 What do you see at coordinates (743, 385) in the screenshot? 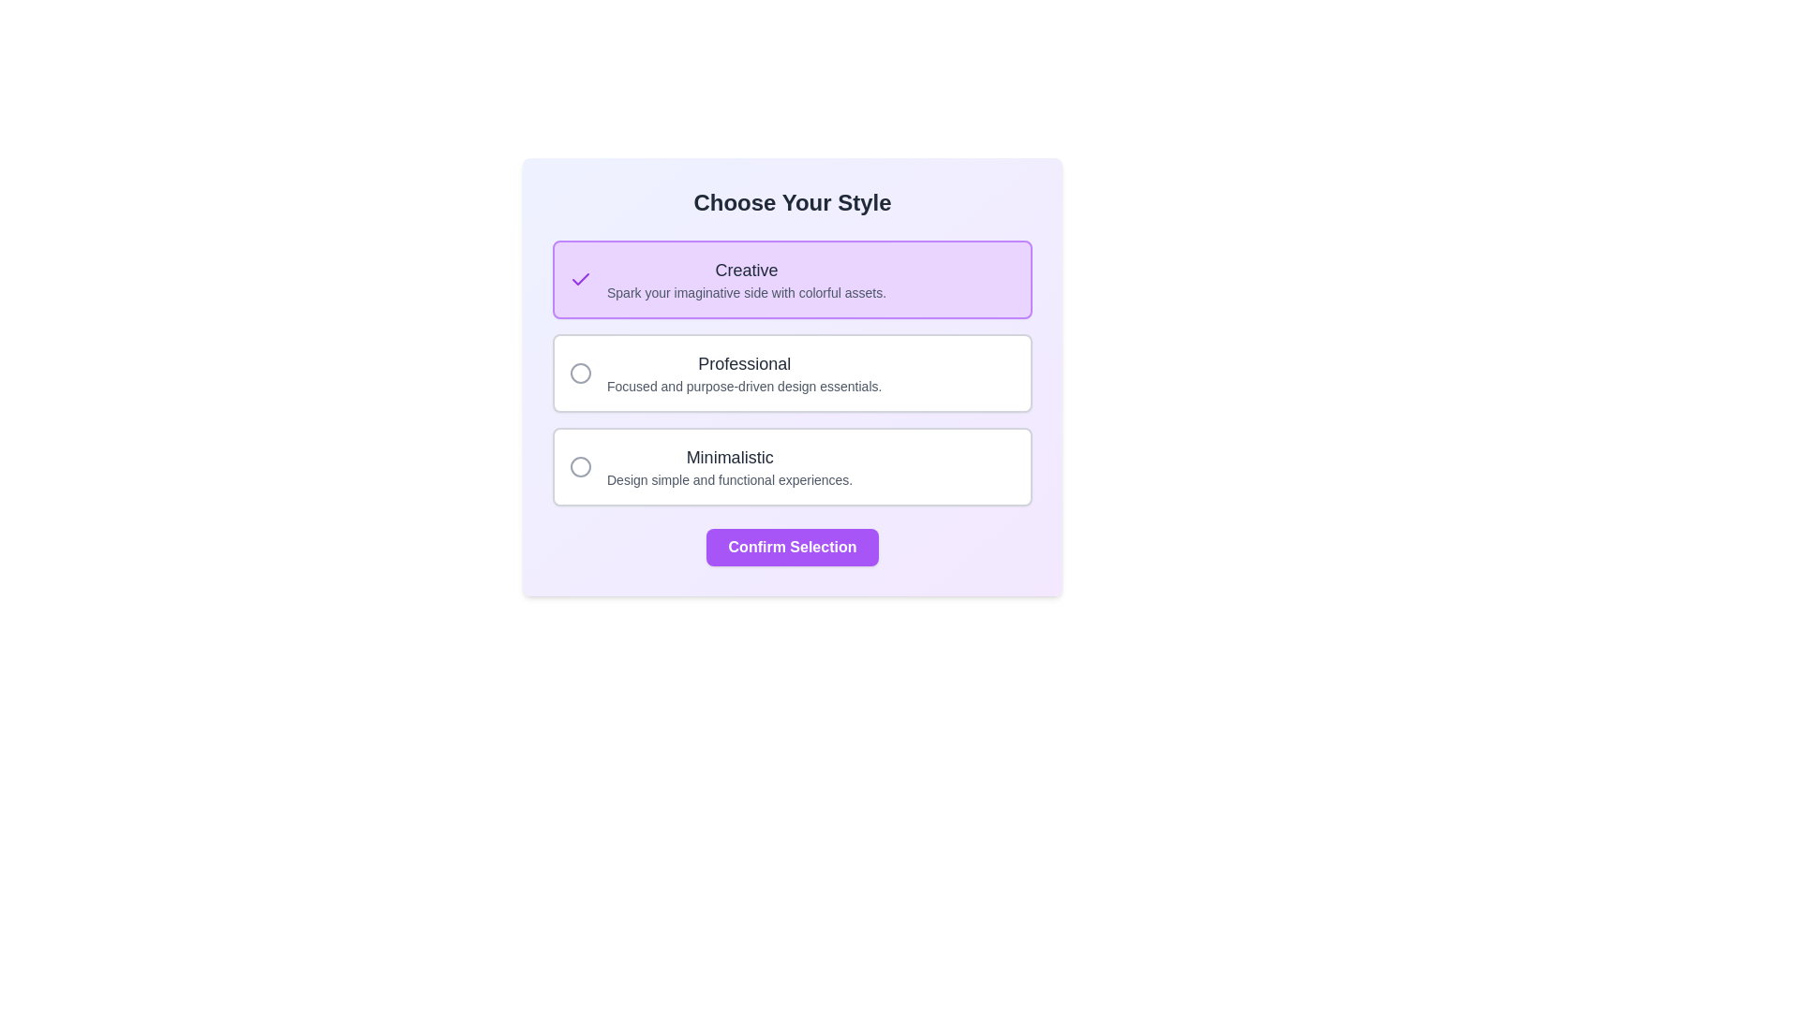
I see `the informational text element that reads 'Focused and purpose-driven design essentials,' which is styled in light gray and positioned under the 'Professional' header in a vertical list of selectable styles` at bounding box center [743, 385].